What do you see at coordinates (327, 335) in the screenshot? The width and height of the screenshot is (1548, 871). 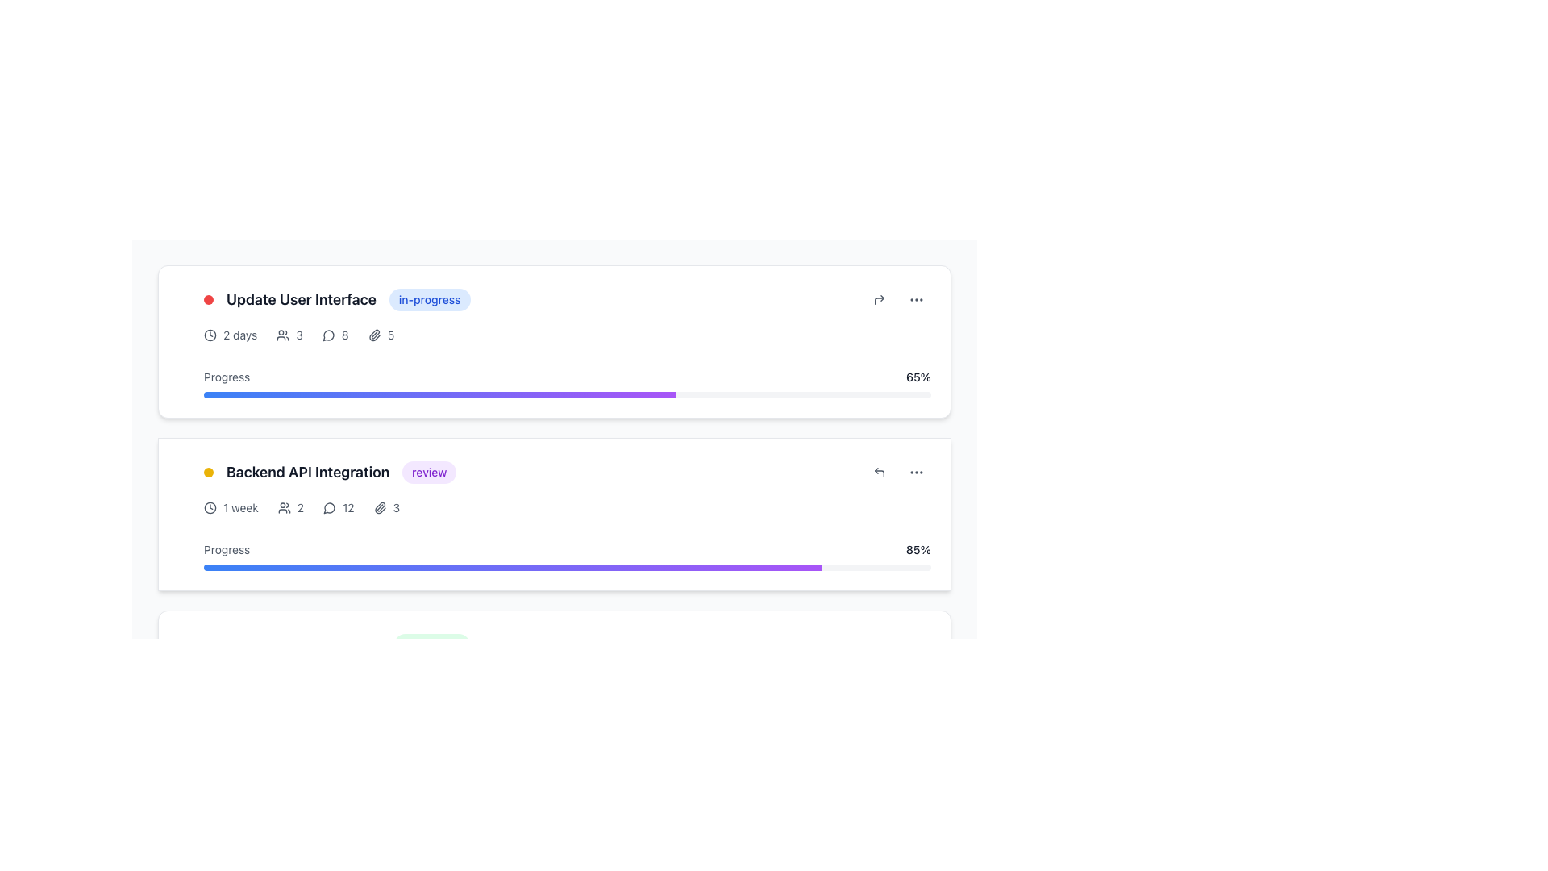 I see `the circular speech bubble icon associated with comment functionality` at bounding box center [327, 335].